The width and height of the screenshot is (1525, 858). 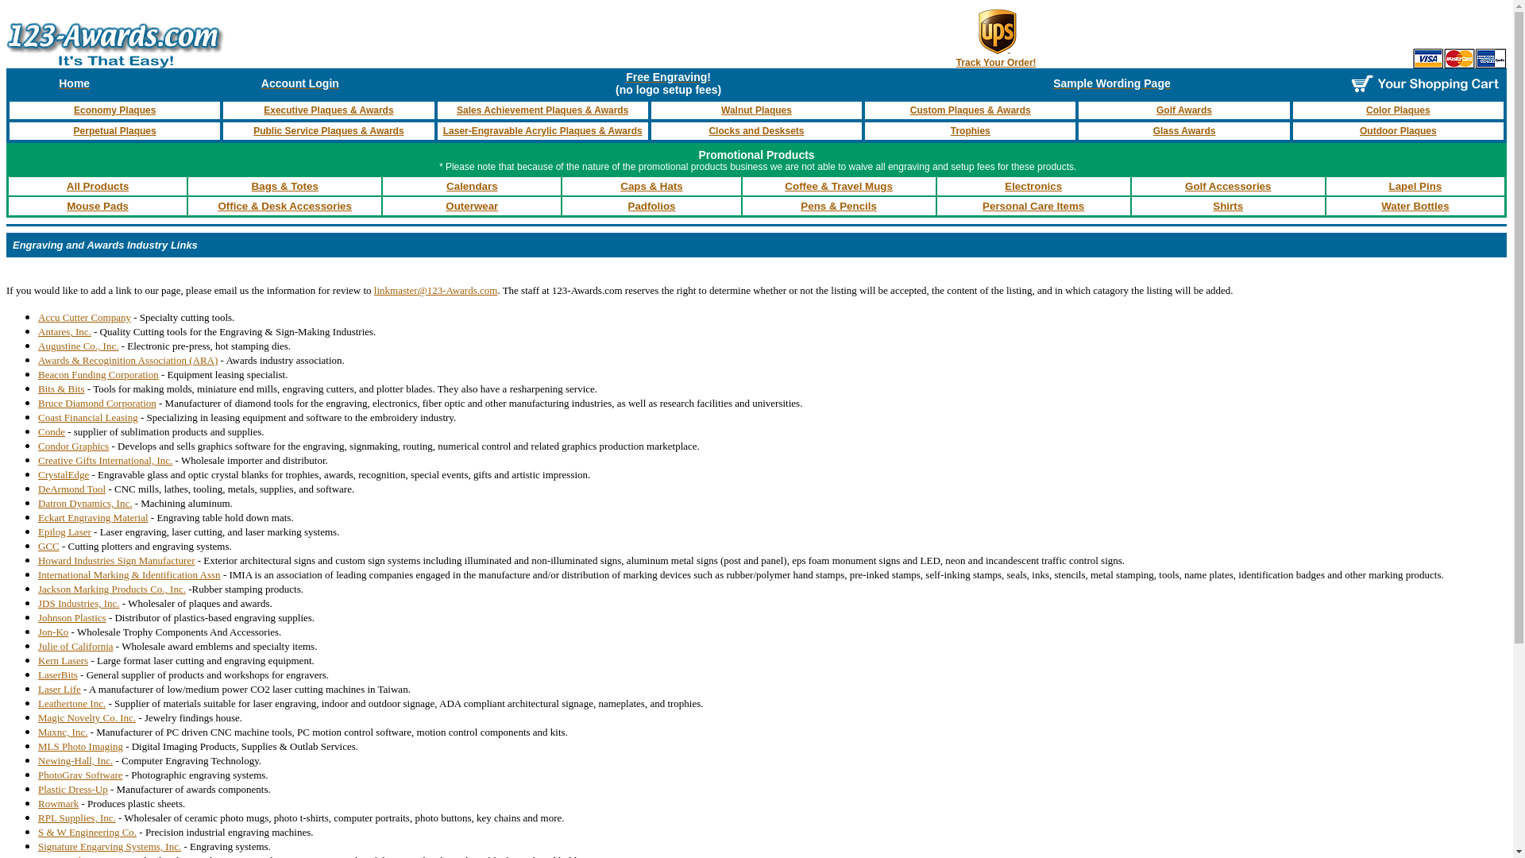 I want to click on 'All Products', so click(x=97, y=185).